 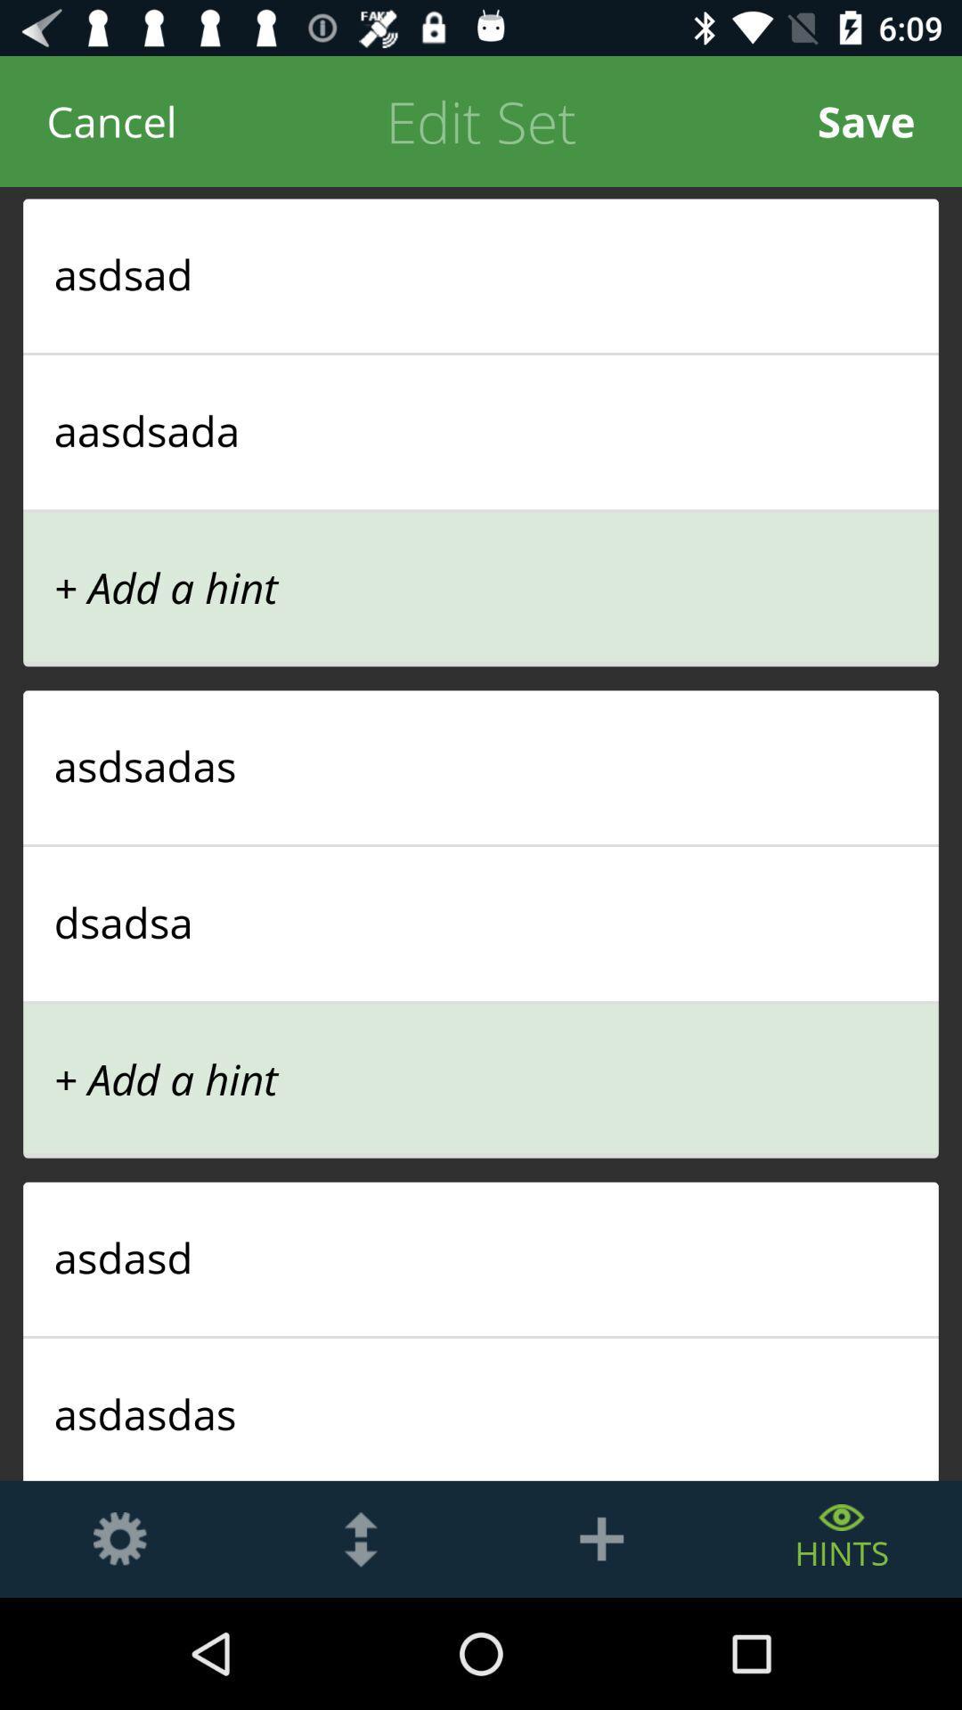 I want to click on the item at the bottom right corner, so click(x=842, y=1538).